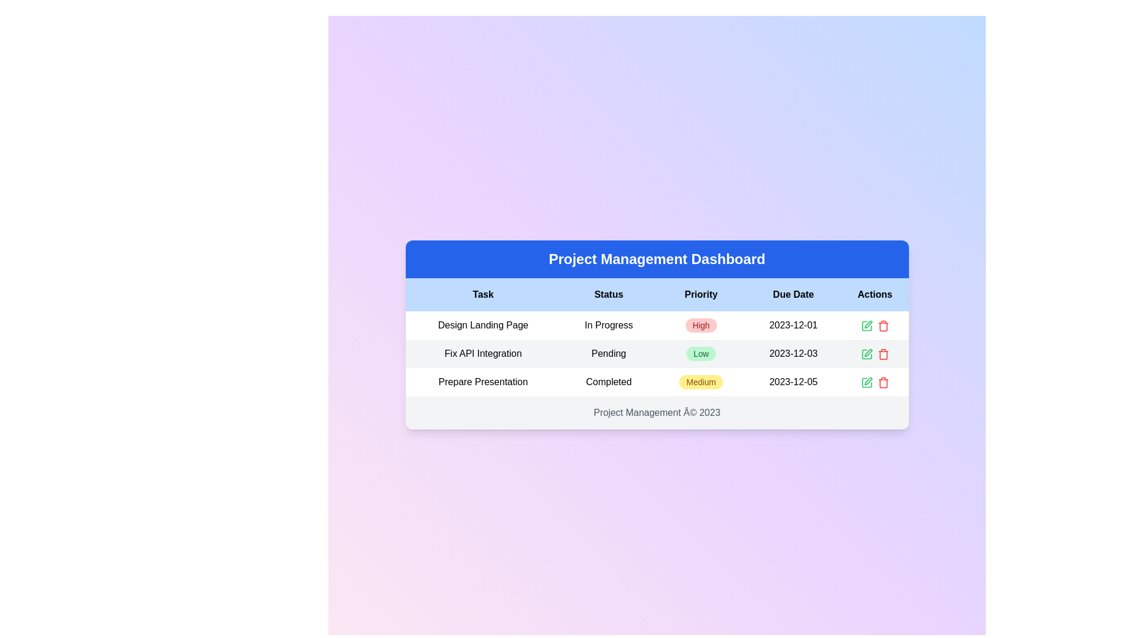  What do you see at coordinates (608, 294) in the screenshot?
I see `the Text label header in the second column of the table, which indicates the status of tasks listed beneath it` at bounding box center [608, 294].